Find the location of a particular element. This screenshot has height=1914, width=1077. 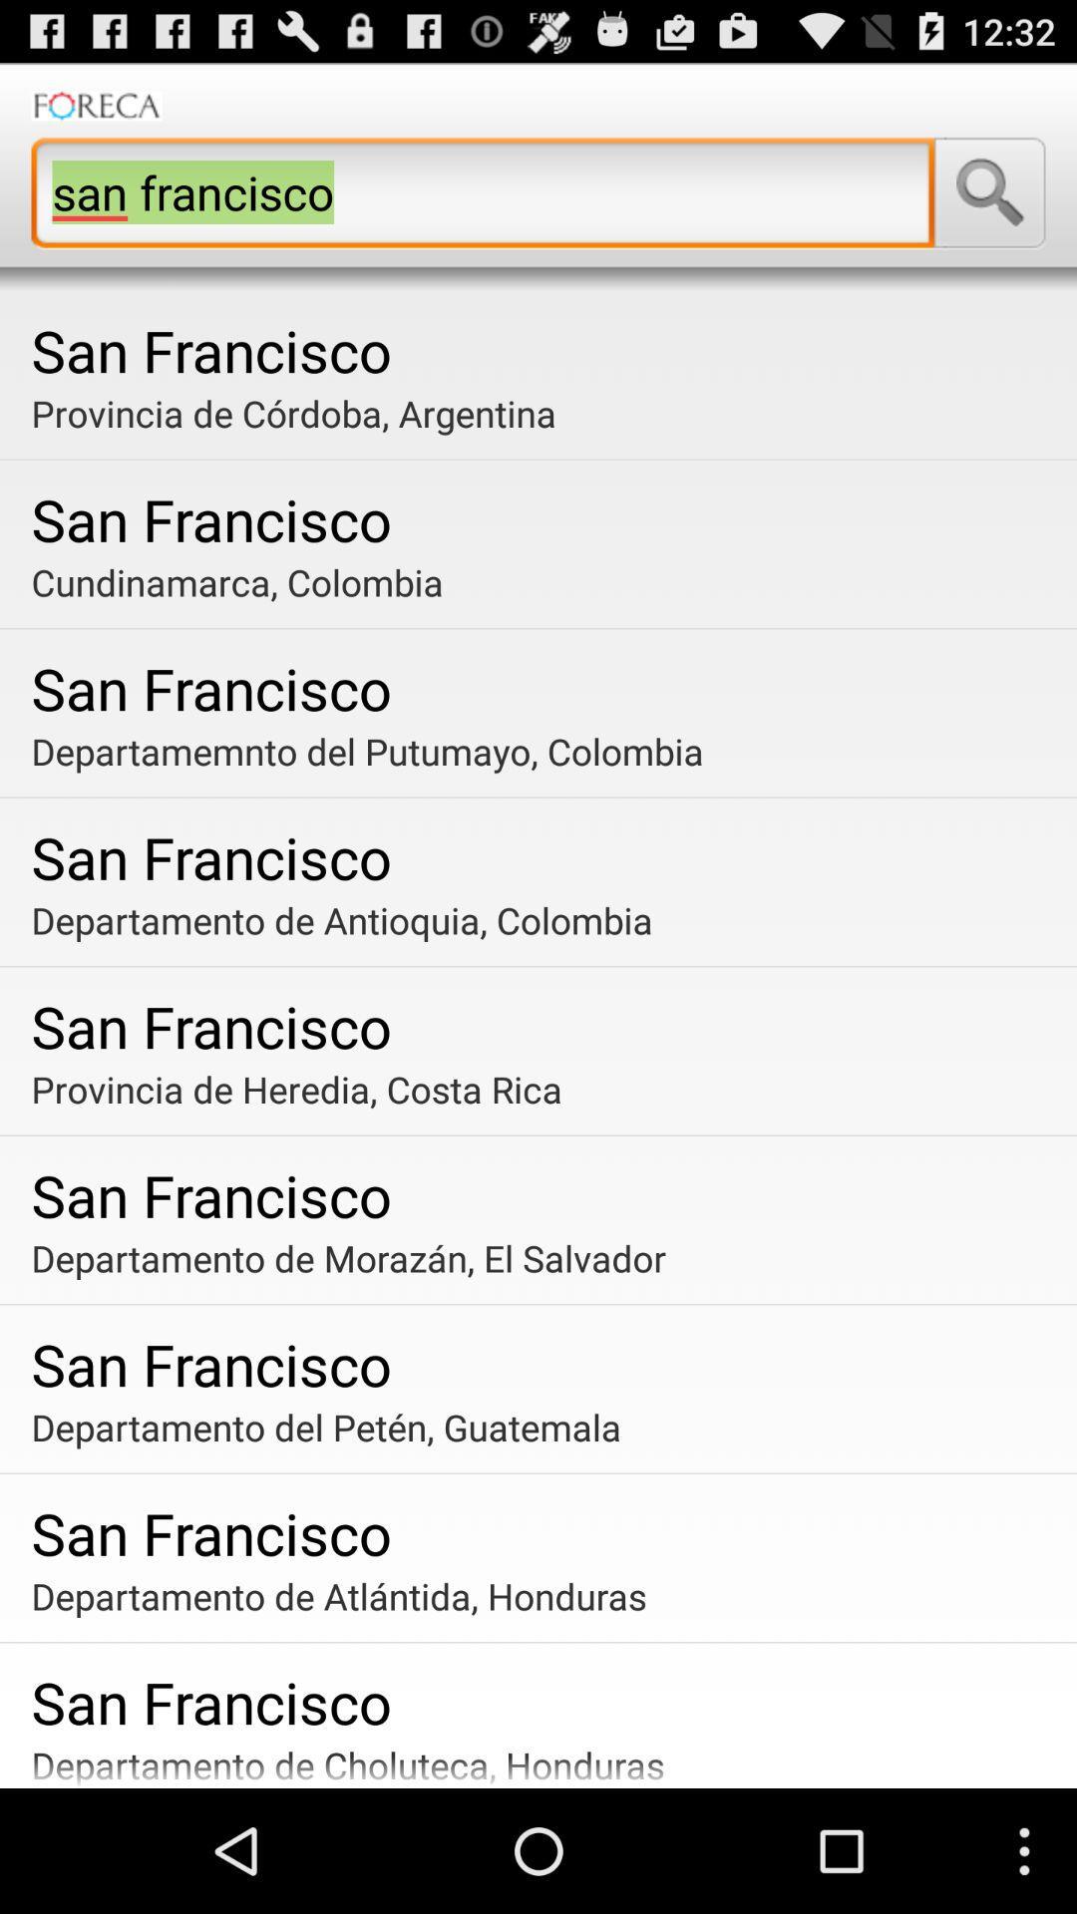

cundinamarca, colombia item is located at coordinates (545, 581).